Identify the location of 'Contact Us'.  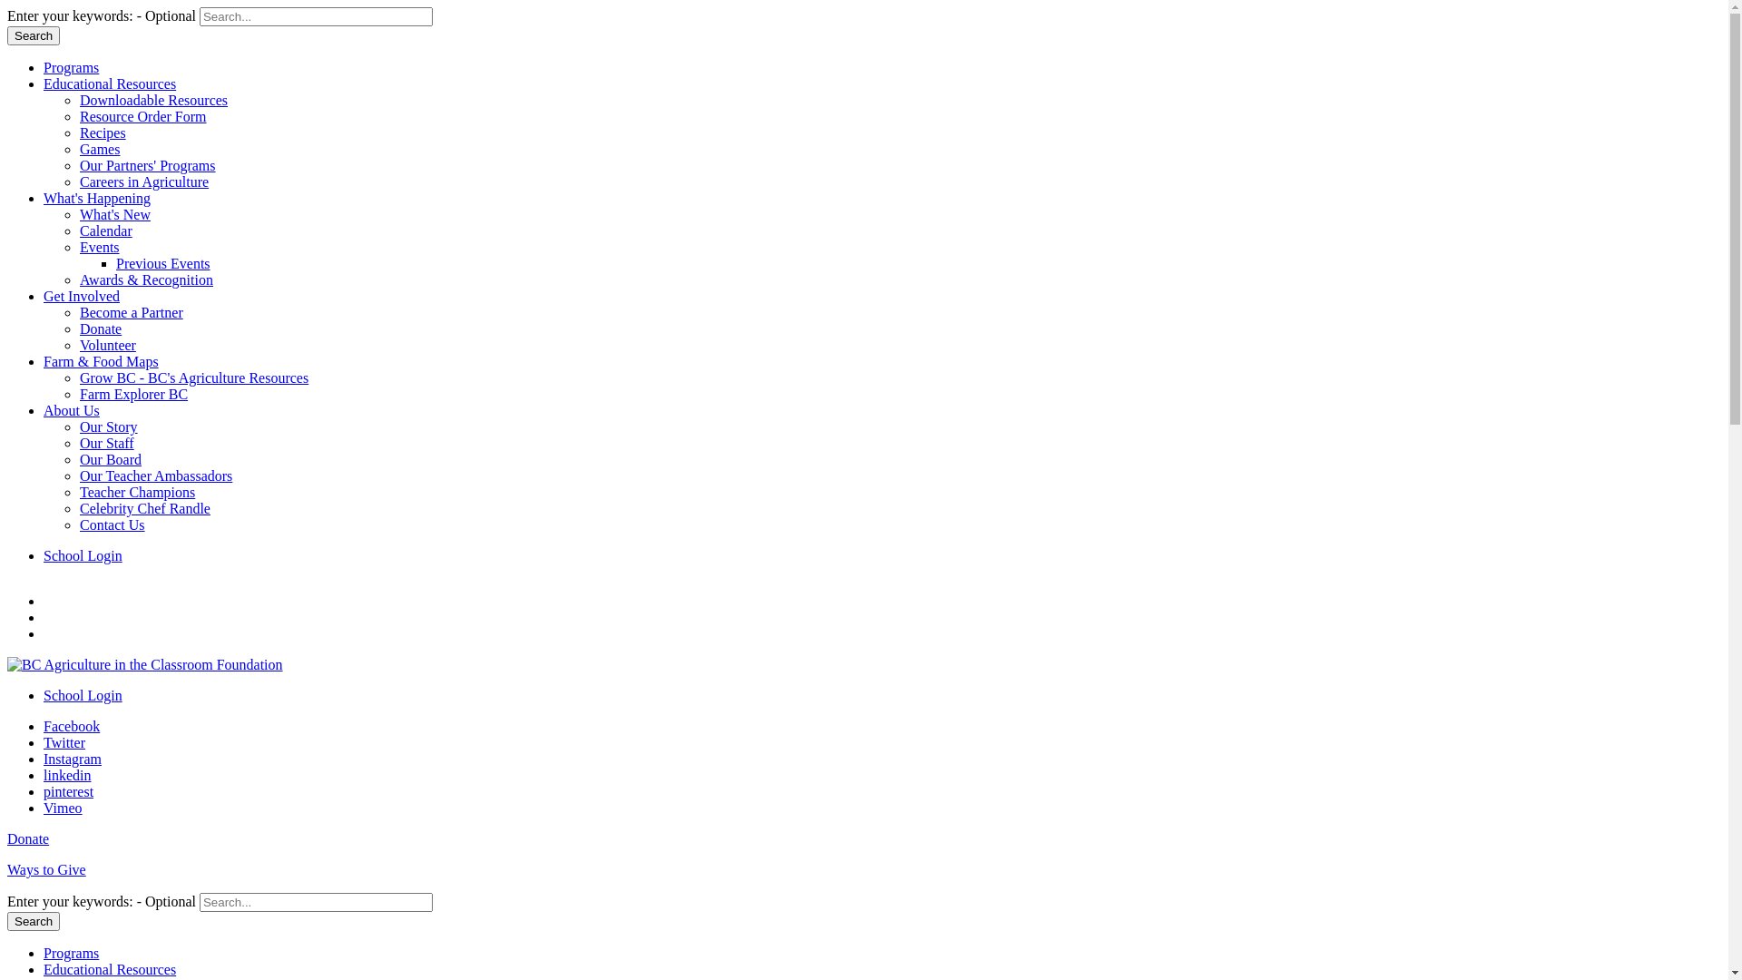
(112, 524).